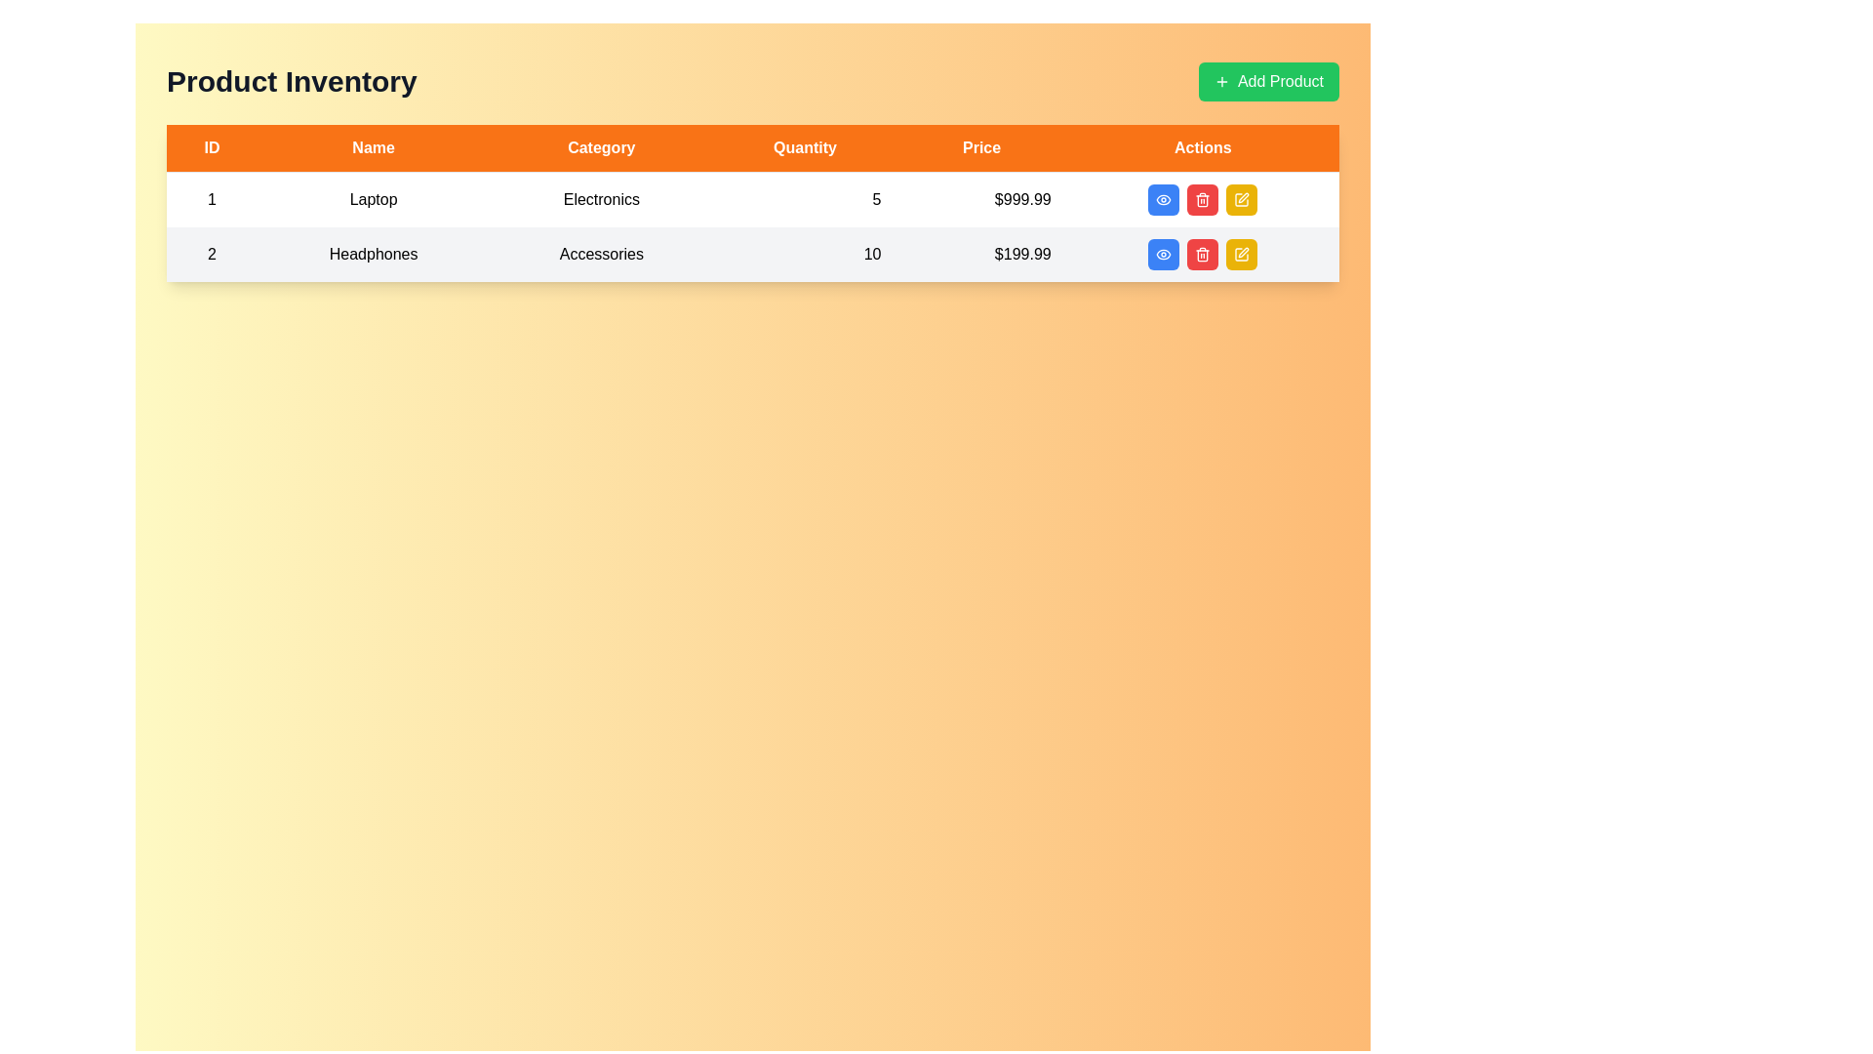 Image resolution: width=1873 pixels, height=1054 pixels. Describe the element at coordinates (1220, 81) in the screenshot. I see `the green plus icon within the 'Add Product' button located in the top-right corner of the interface` at that location.